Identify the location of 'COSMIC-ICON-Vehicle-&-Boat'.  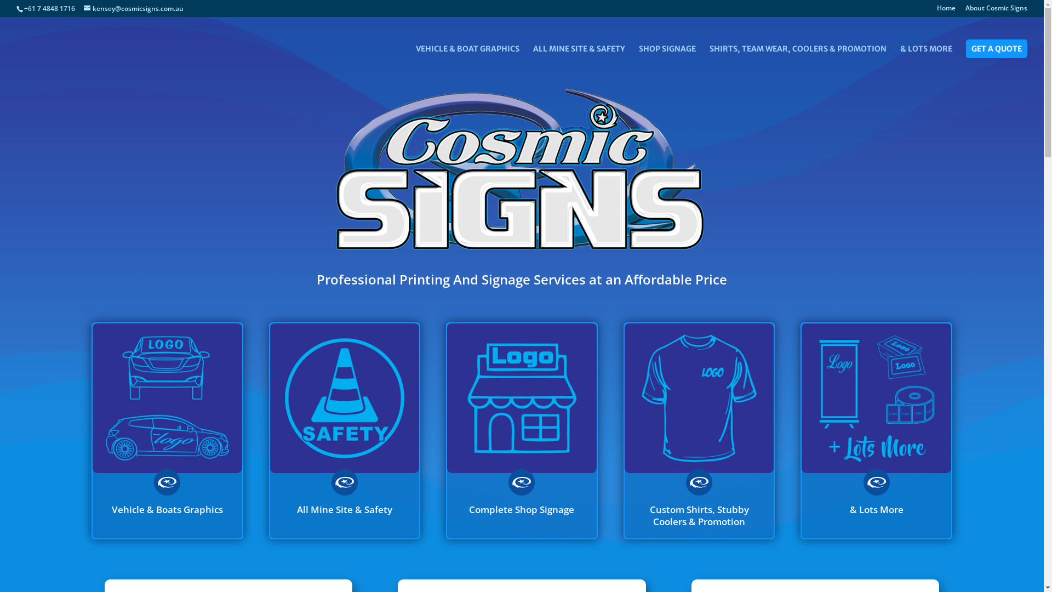
(167, 397).